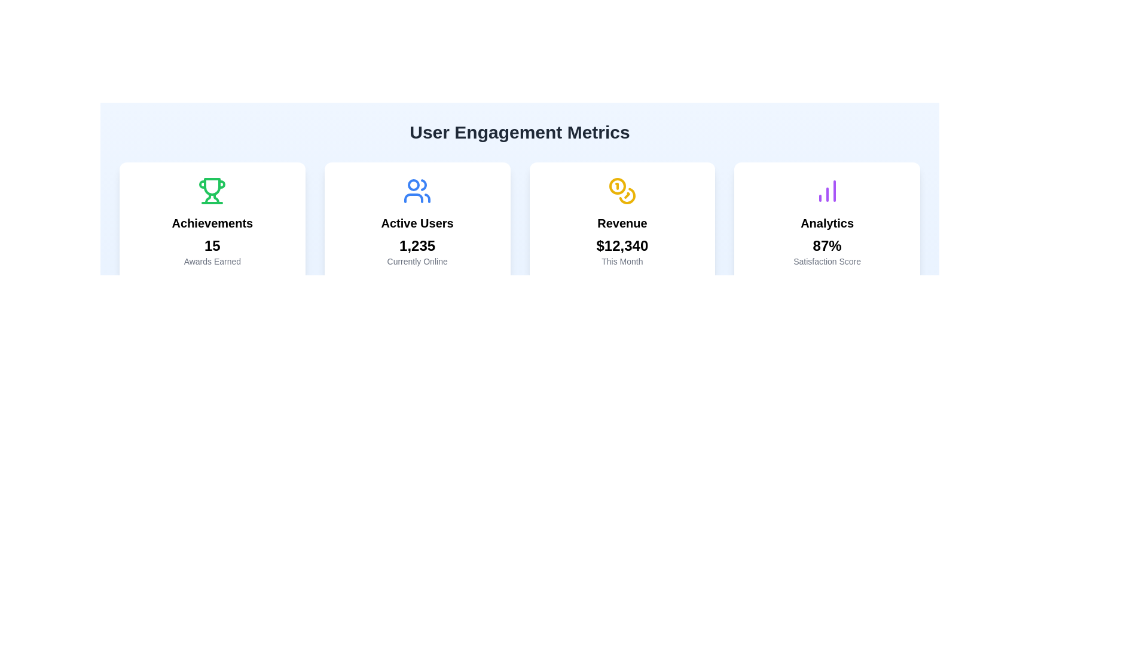 This screenshot has width=1148, height=645. What do you see at coordinates (417, 261) in the screenshot?
I see `the static text located below the numeric display of '1,235' in the 'Active Users' card, which is the second element from the left in the row of user engagement metrics` at bounding box center [417, 261].